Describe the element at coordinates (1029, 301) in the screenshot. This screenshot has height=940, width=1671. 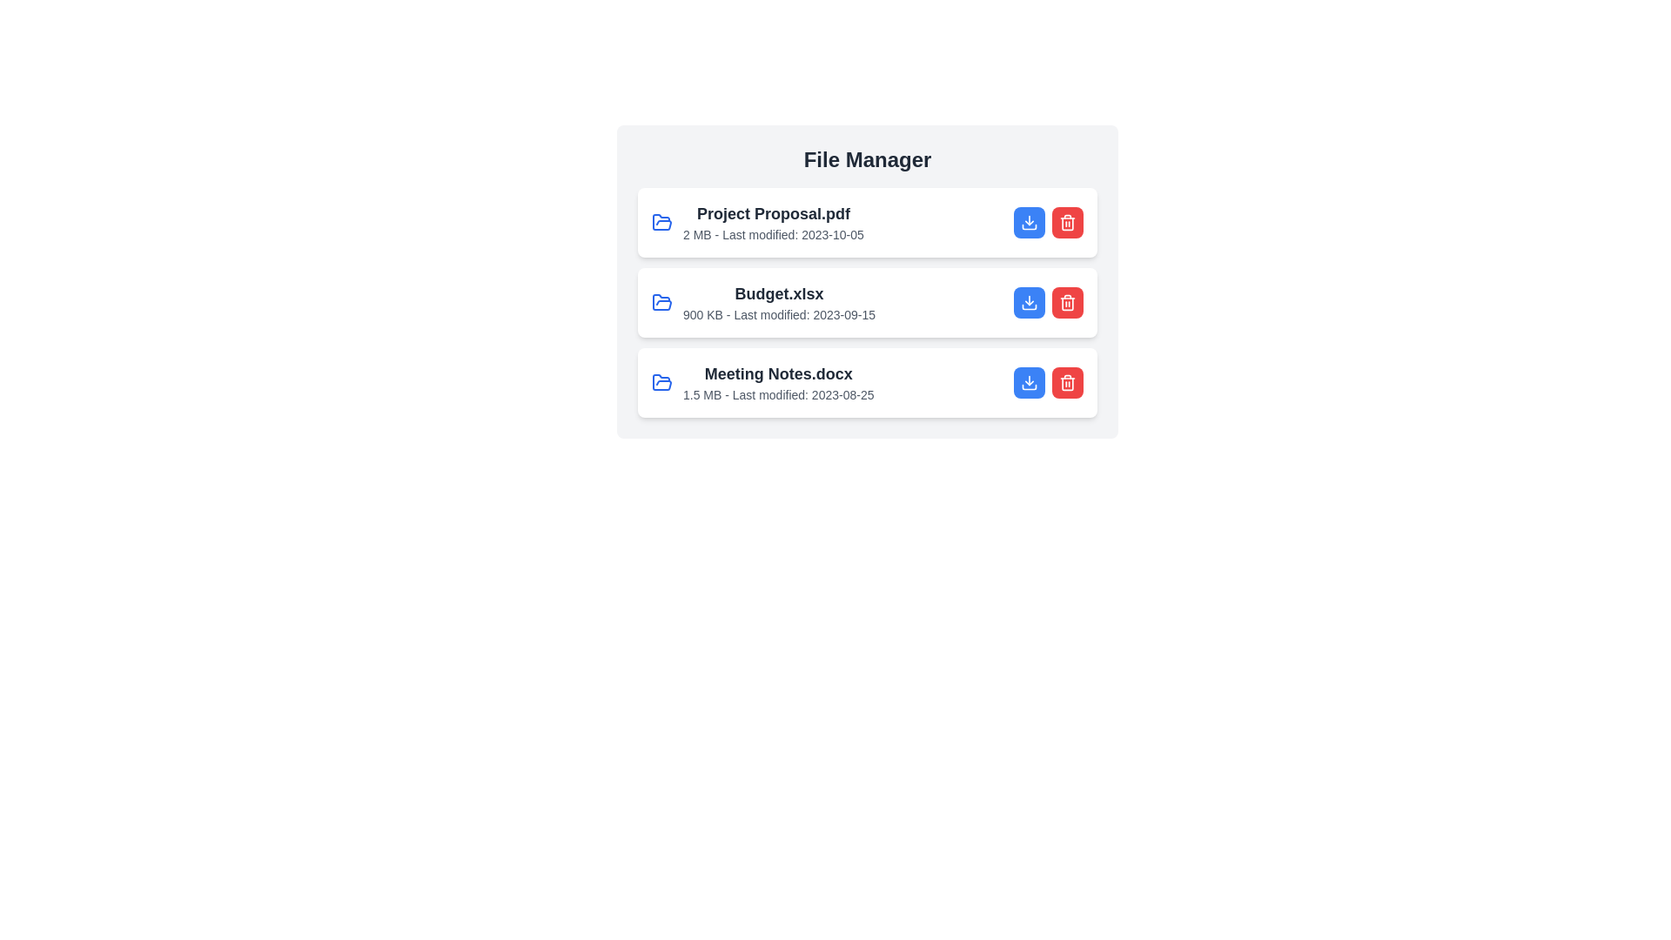
I see `download button for the file named Budget.xlsx` at that location.